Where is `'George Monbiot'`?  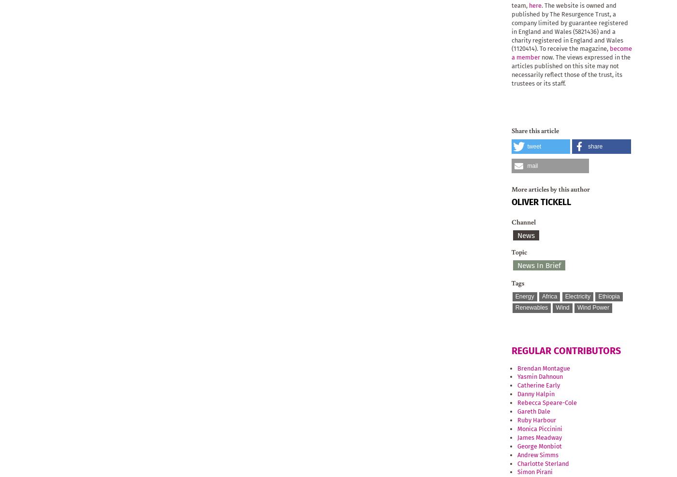
'George Monbiot' is located at coordinates (539, 446).